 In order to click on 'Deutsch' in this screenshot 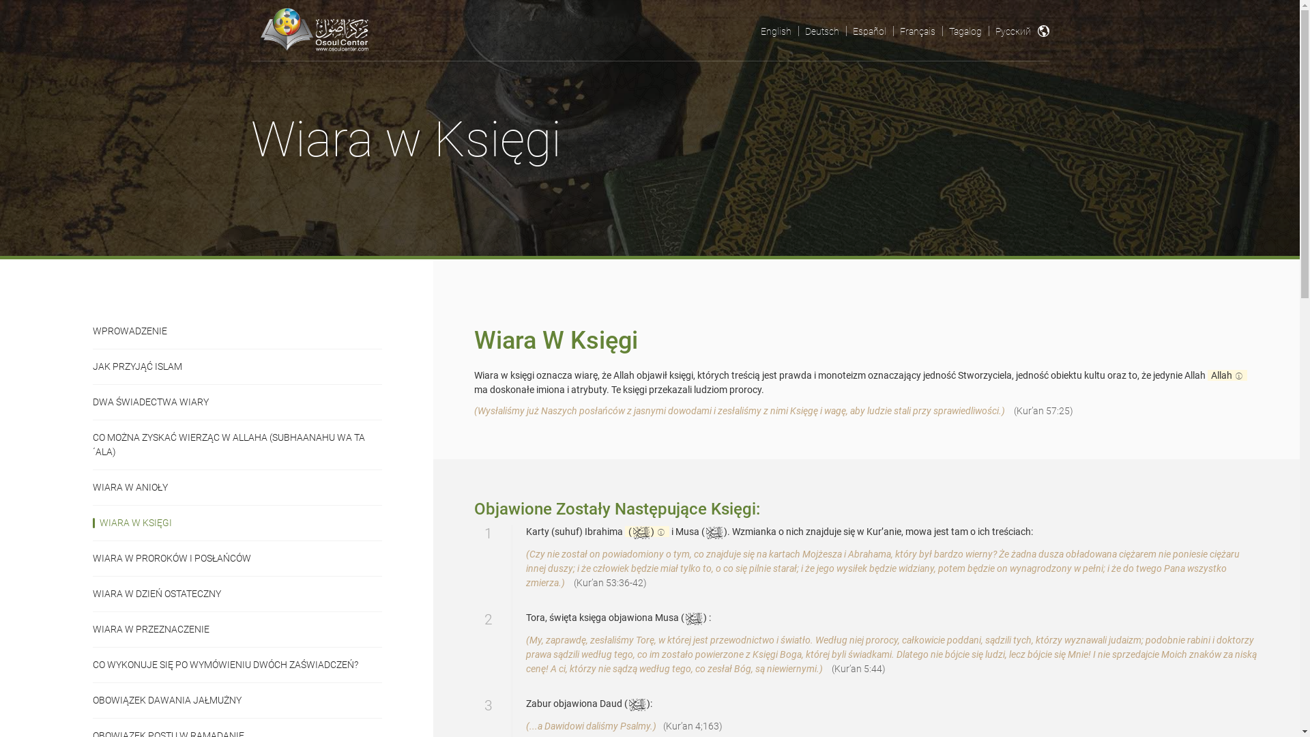, I will do `click(798, 31)`.